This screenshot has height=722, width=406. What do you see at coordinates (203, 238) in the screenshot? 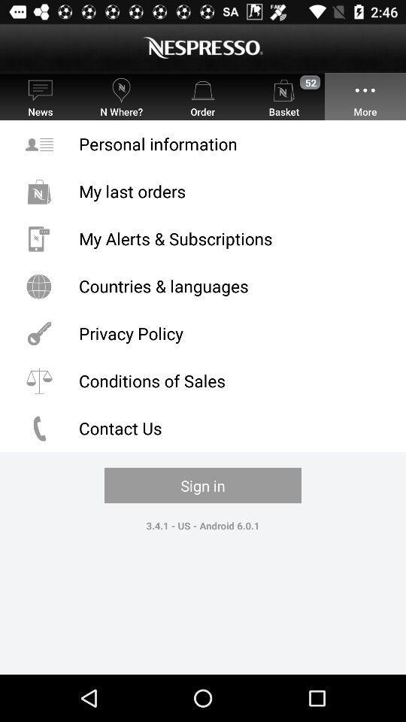
I see `the item above countries & languages item` at bounding box center [203, 238].